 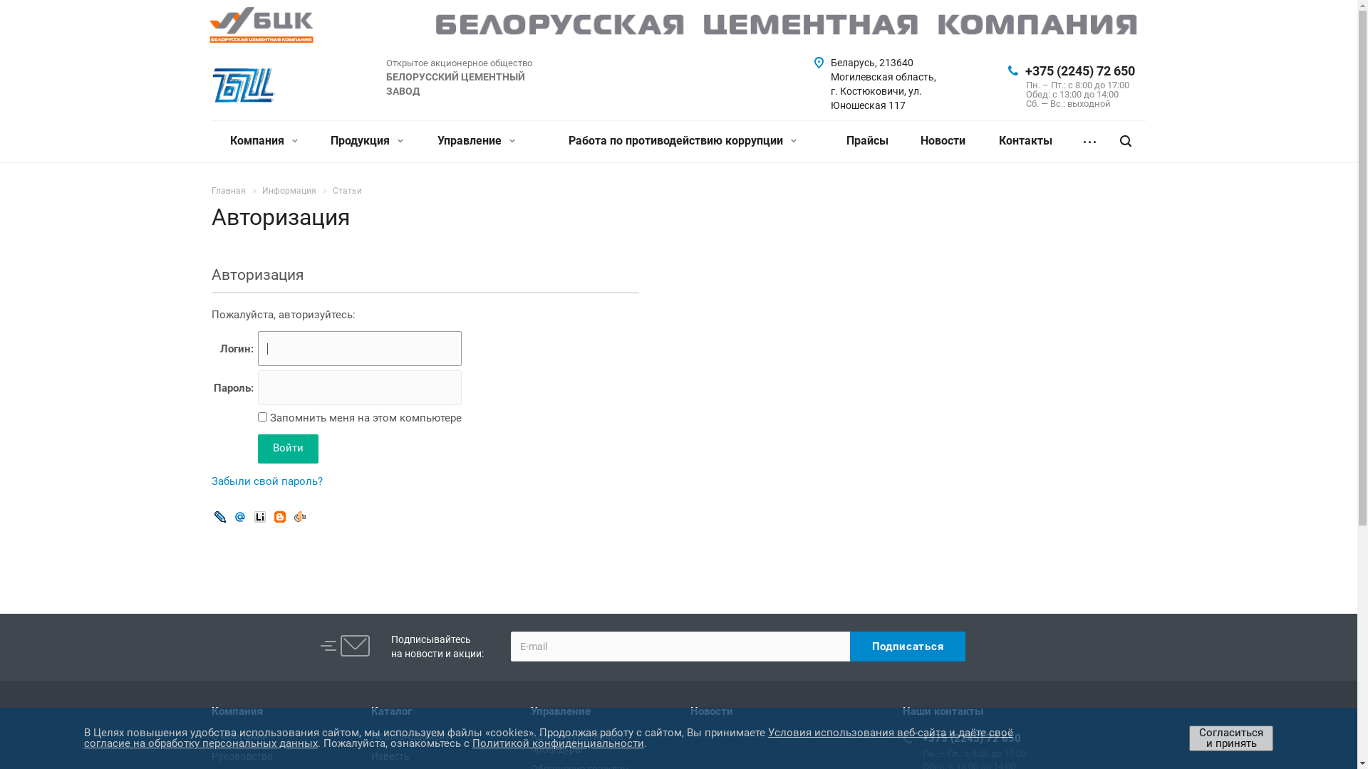 What do you see at coordinates (1079, 70) in the screenshot?
I see `'+375 (2245) 72 650'` at bounding box center [1079, 70].